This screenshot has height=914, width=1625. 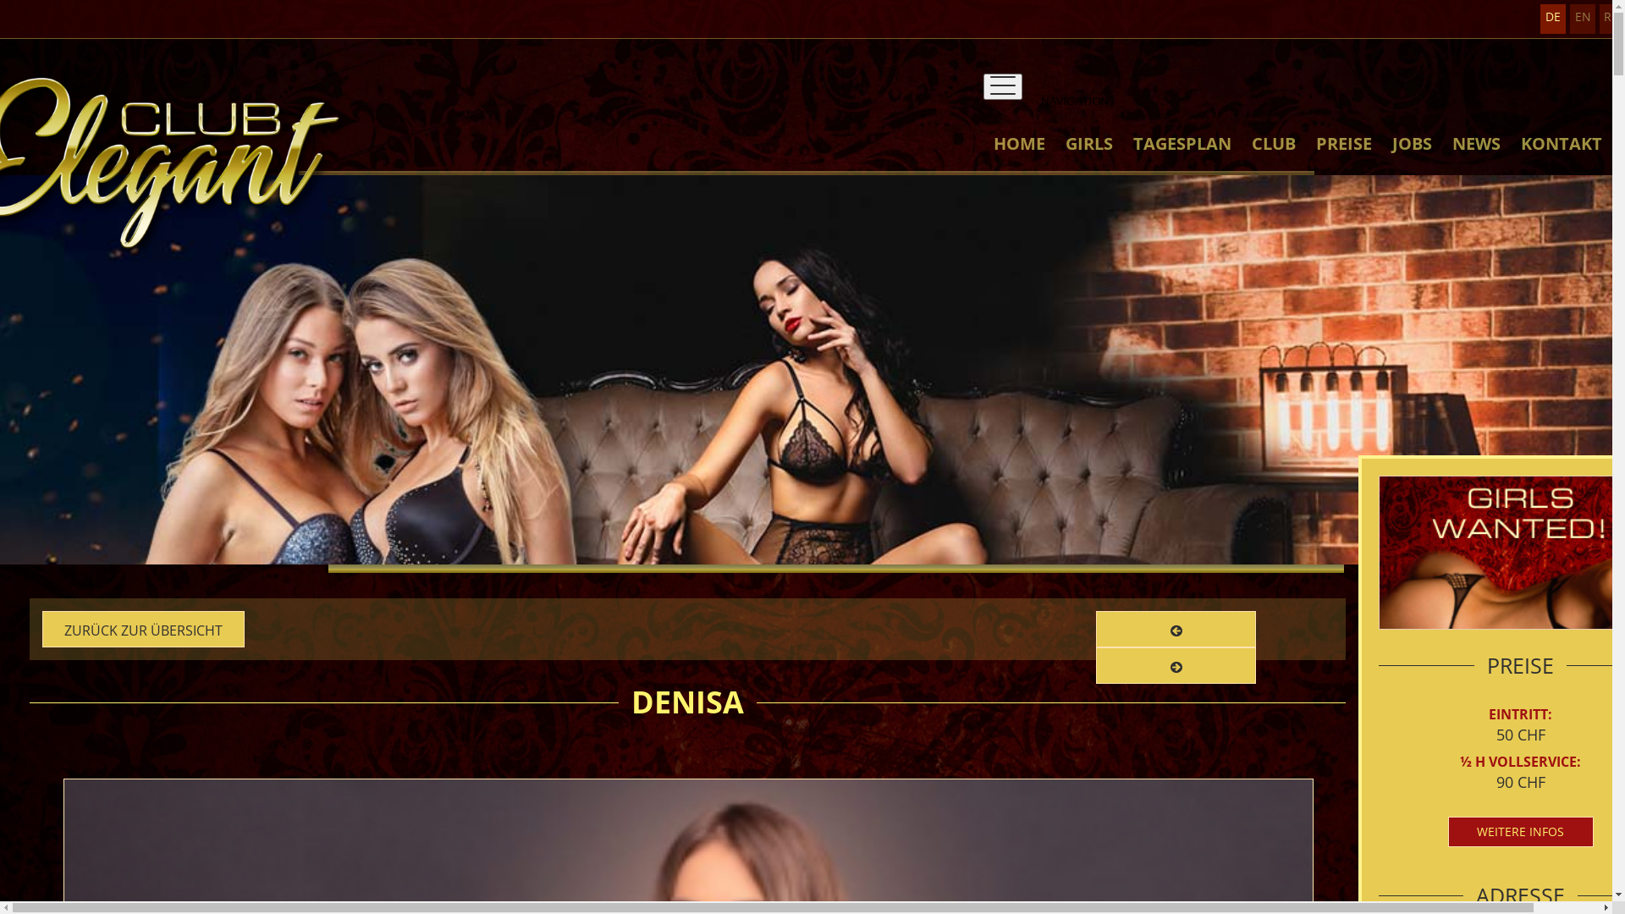 What do you see at coordinates (1412, 159) in the screenshot?
I see `'JOBS'` at bounding box center [1412, 159].